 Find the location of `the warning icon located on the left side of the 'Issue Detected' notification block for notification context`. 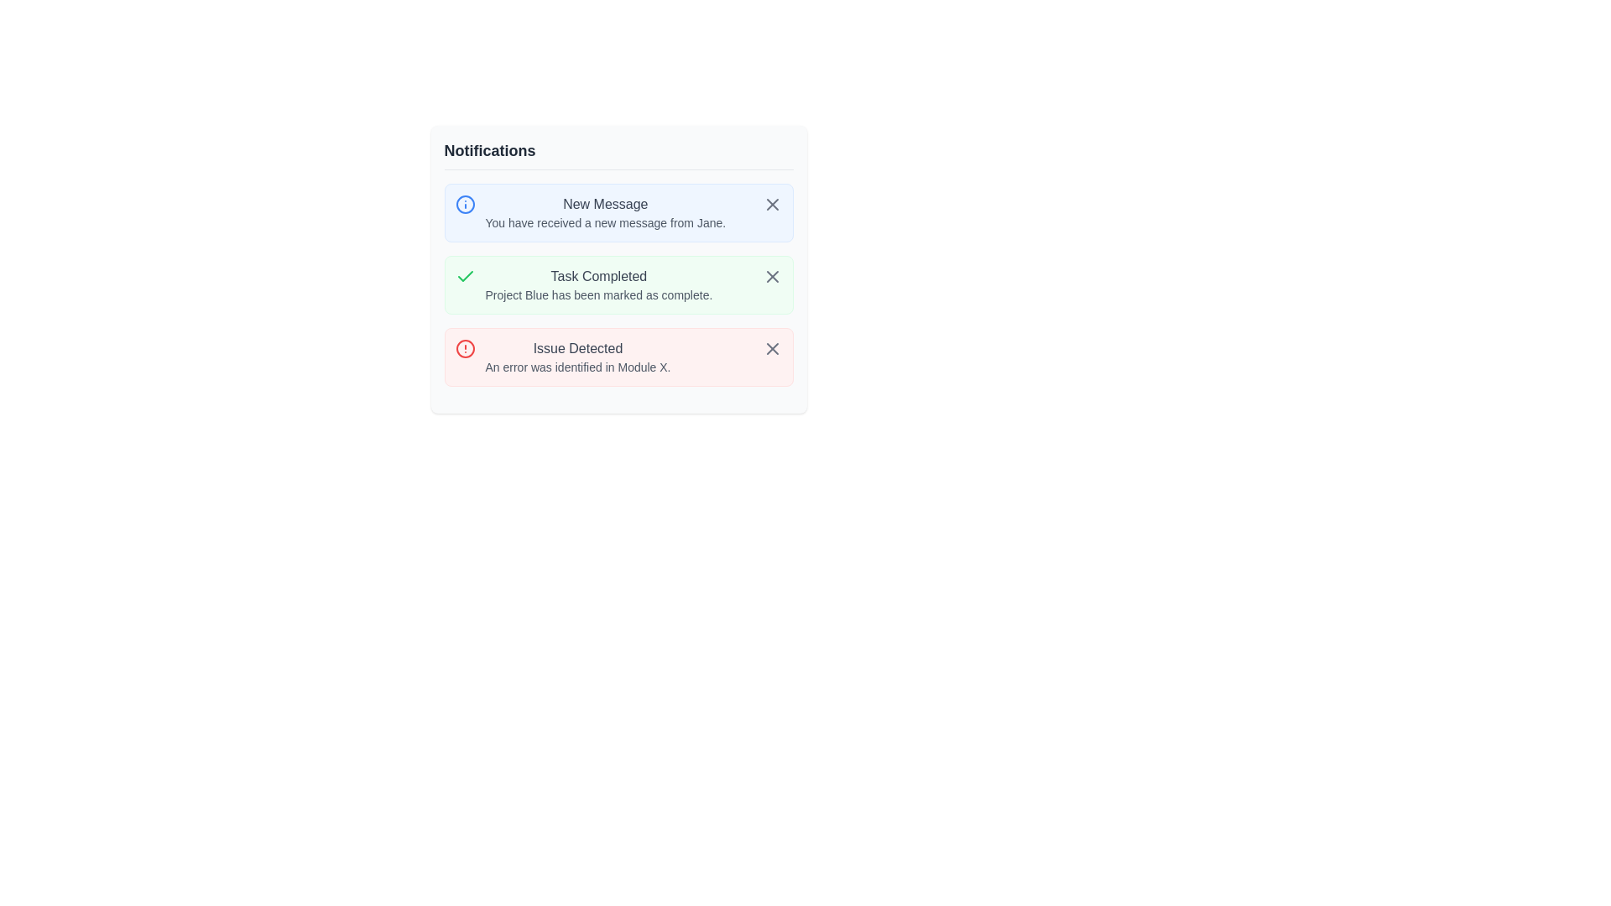

the warning icon located on the left side of the 'Issue Detected' notification block for notification context is located at coordinates (465, 348).